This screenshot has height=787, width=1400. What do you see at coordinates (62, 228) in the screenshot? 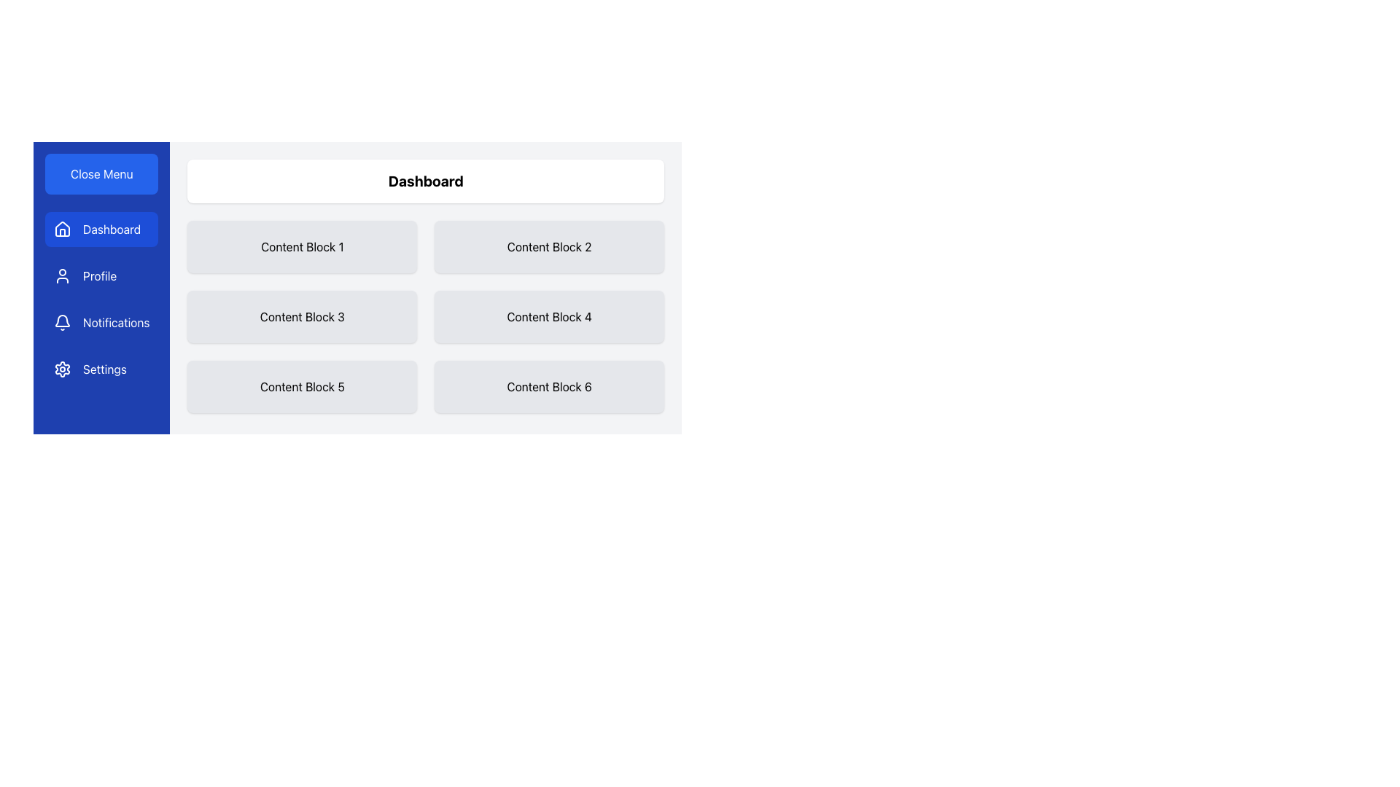
I see `the 'Dashboard' menu item icon located in the left navigation menu, positioned between the 'Close Menu' button and the 'Profile' menu item` at bounding box center [62, 228].